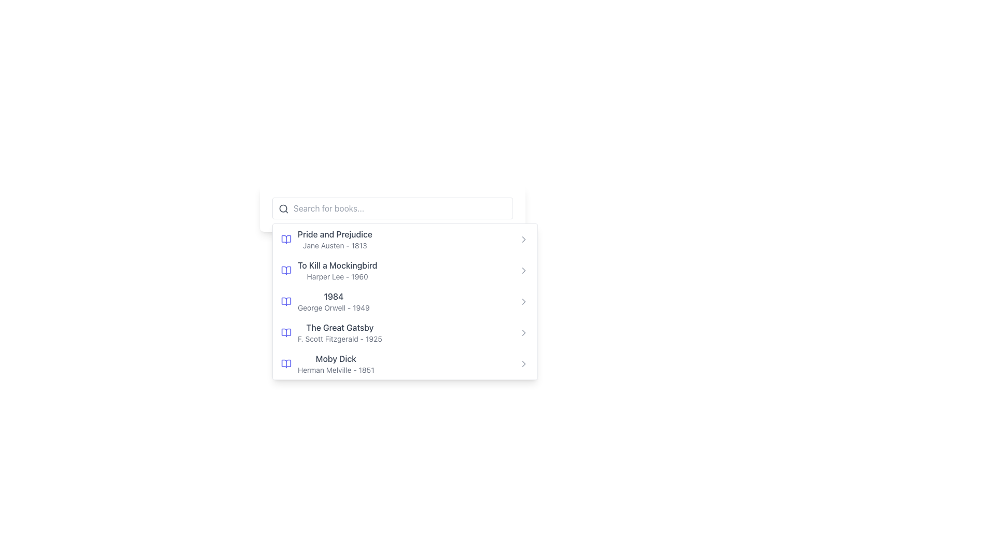  Describe the element at coordinates (340, 332) in the screenshot. I see `the Text Display element that shows information about the book 'The Great Gatsby', which is the fourth item in the vertical list of books, positioned between '1984' by George Orwell and 'Moby Dick' by Herman Melville` at that location.